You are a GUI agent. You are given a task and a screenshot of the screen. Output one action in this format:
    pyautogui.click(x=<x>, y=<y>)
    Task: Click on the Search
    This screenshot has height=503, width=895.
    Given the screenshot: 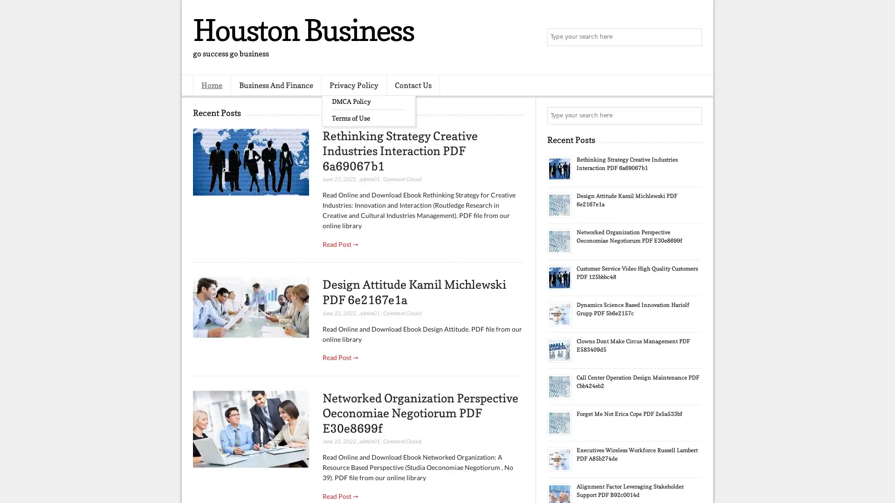 What is the action you would take?
    pyautogui.click(x=692, y=37)
    